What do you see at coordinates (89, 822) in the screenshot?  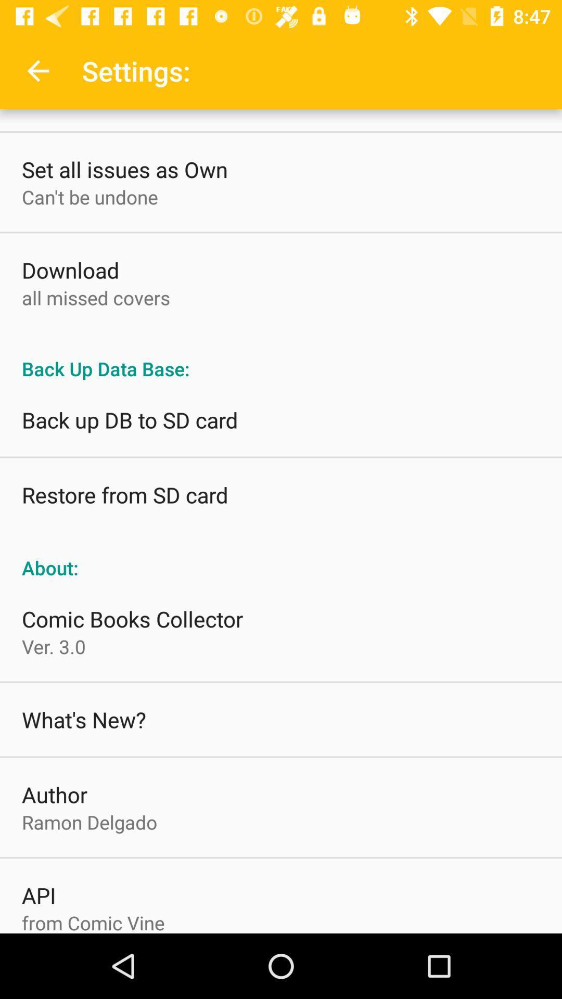 I see `item above the api icon` at bounding box center [89, 822].